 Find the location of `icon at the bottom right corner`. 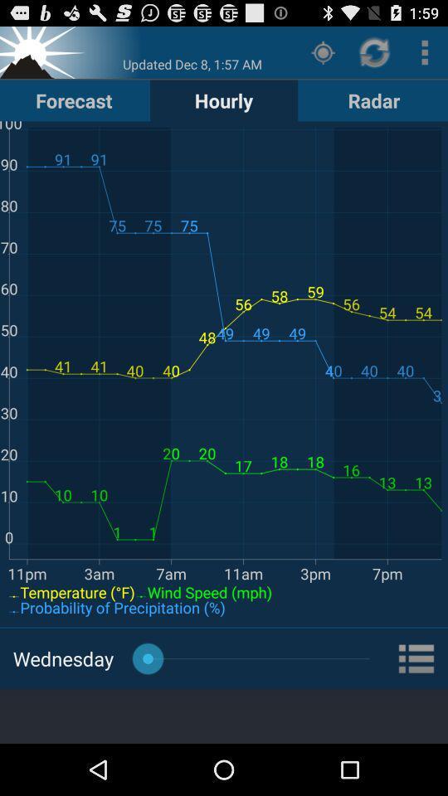

icon at the bottom right corner is located at coordinates (416, 658).